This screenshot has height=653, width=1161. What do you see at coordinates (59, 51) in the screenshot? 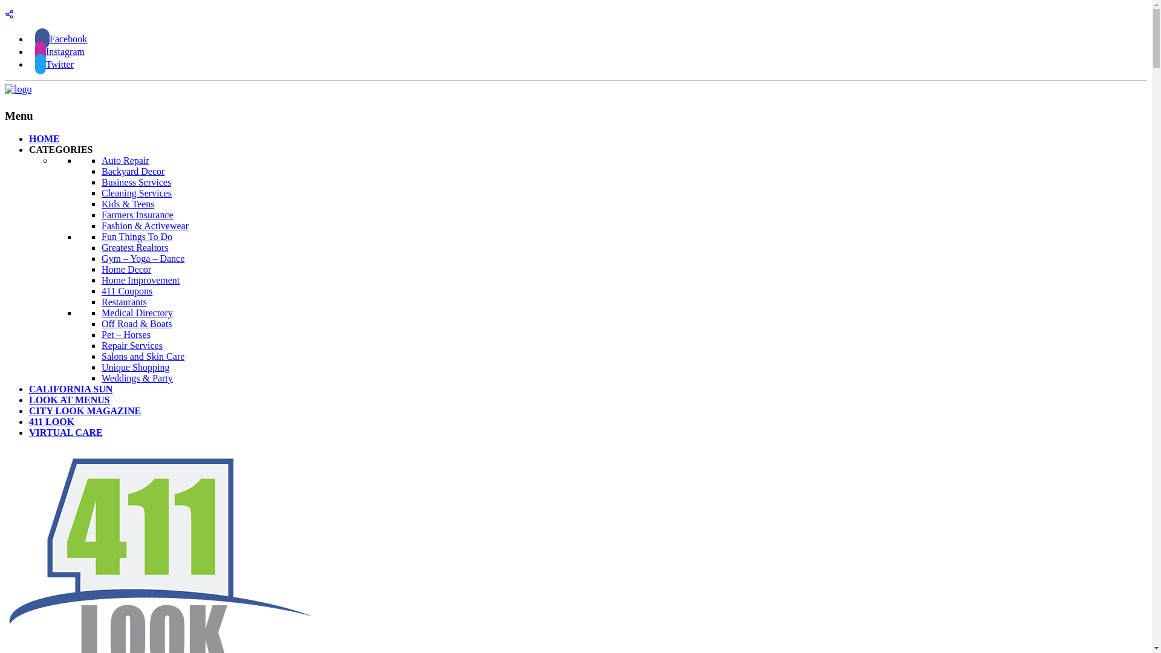
I see `'Instagram'` at bounding box center [59, 51].